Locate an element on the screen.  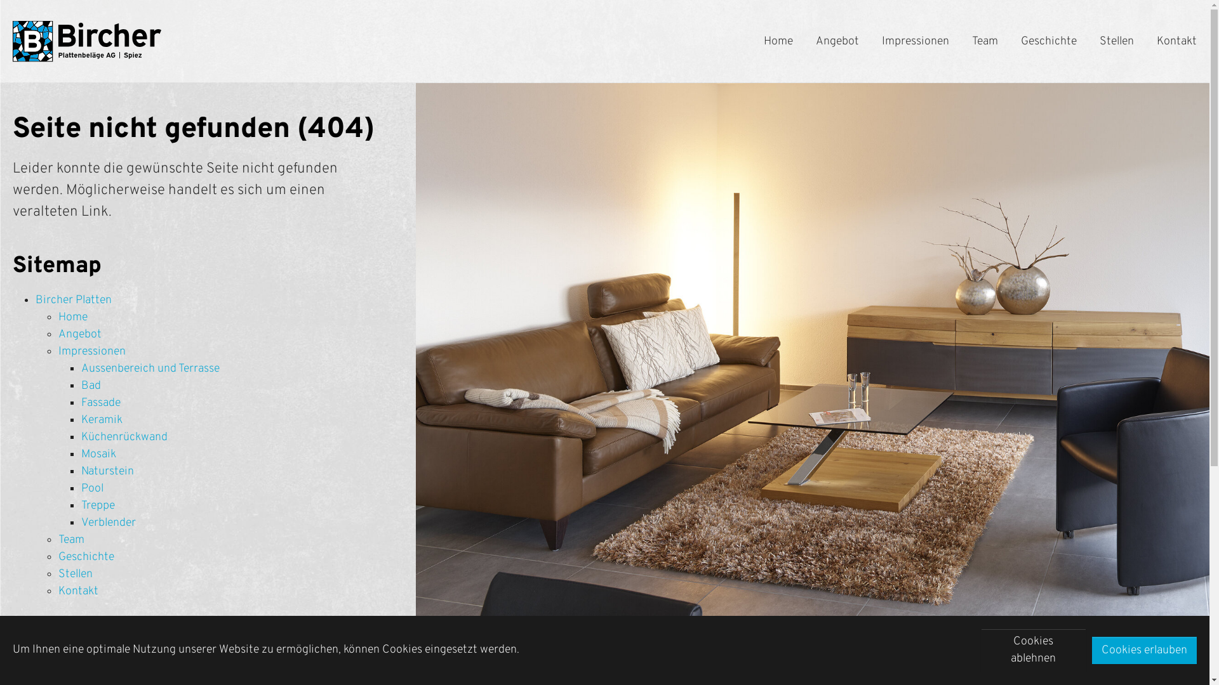
'Mosaik' is located at coordinates (98, 453).